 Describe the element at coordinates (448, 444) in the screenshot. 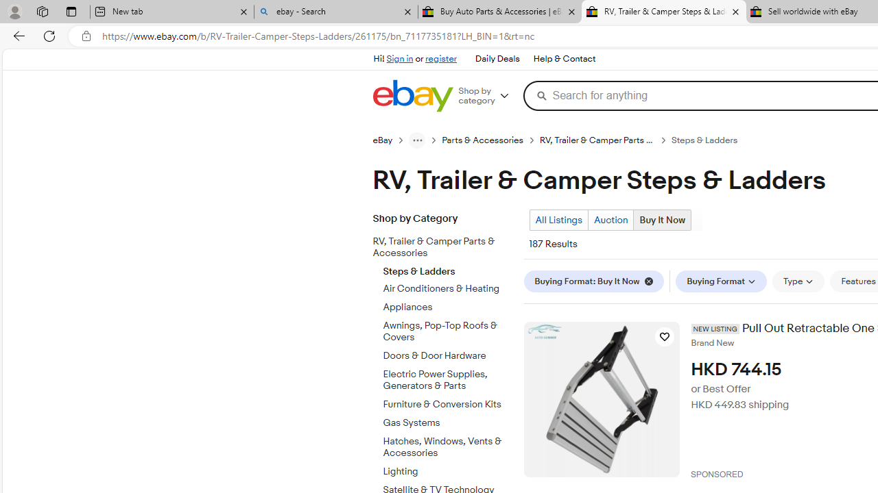

I see `'Hatches, Windows, Vents & Accessories'` at that location.